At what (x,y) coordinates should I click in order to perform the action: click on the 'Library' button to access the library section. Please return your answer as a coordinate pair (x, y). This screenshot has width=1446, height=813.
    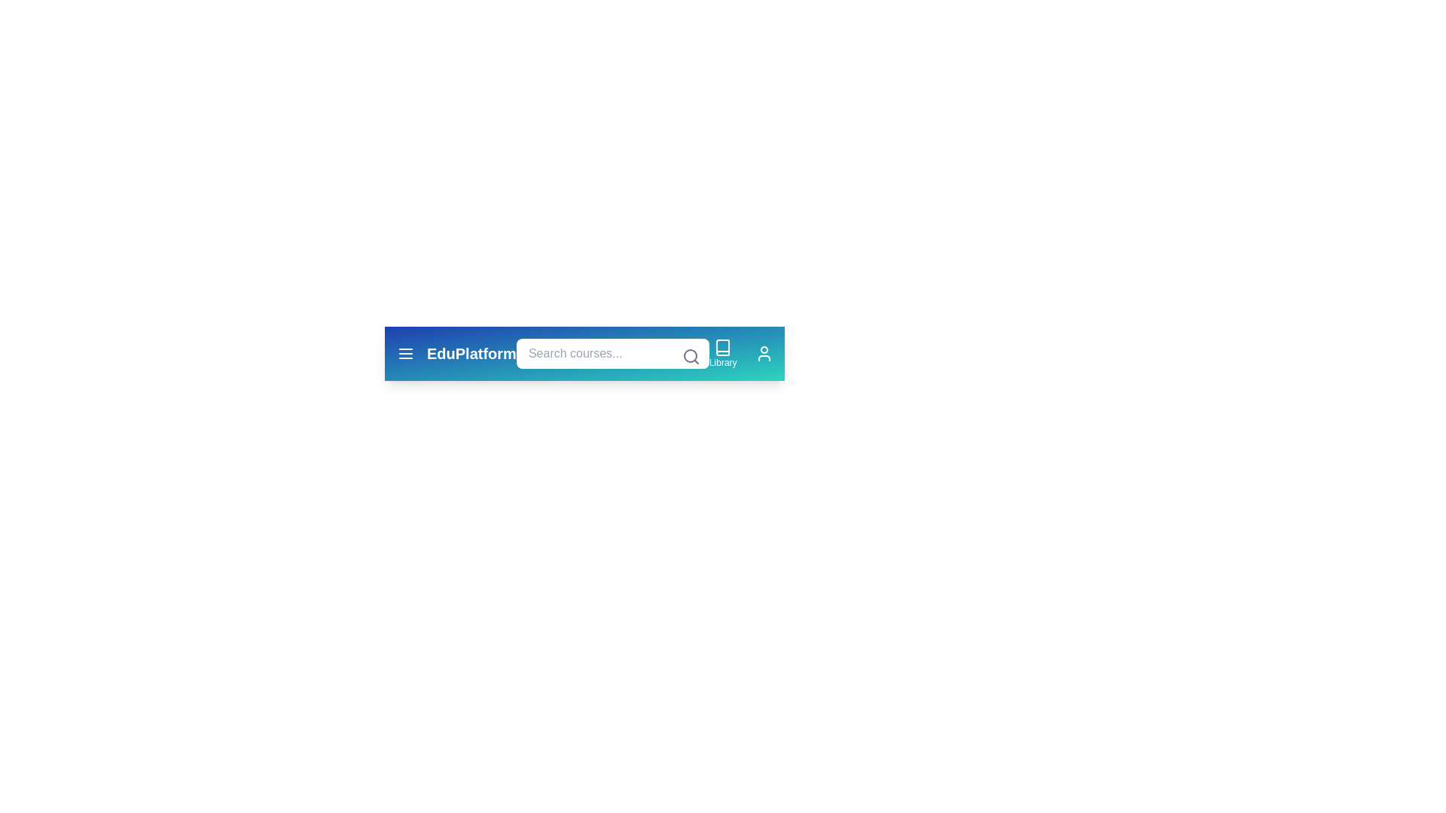
    Looking at the image, I should click on (723, 354).